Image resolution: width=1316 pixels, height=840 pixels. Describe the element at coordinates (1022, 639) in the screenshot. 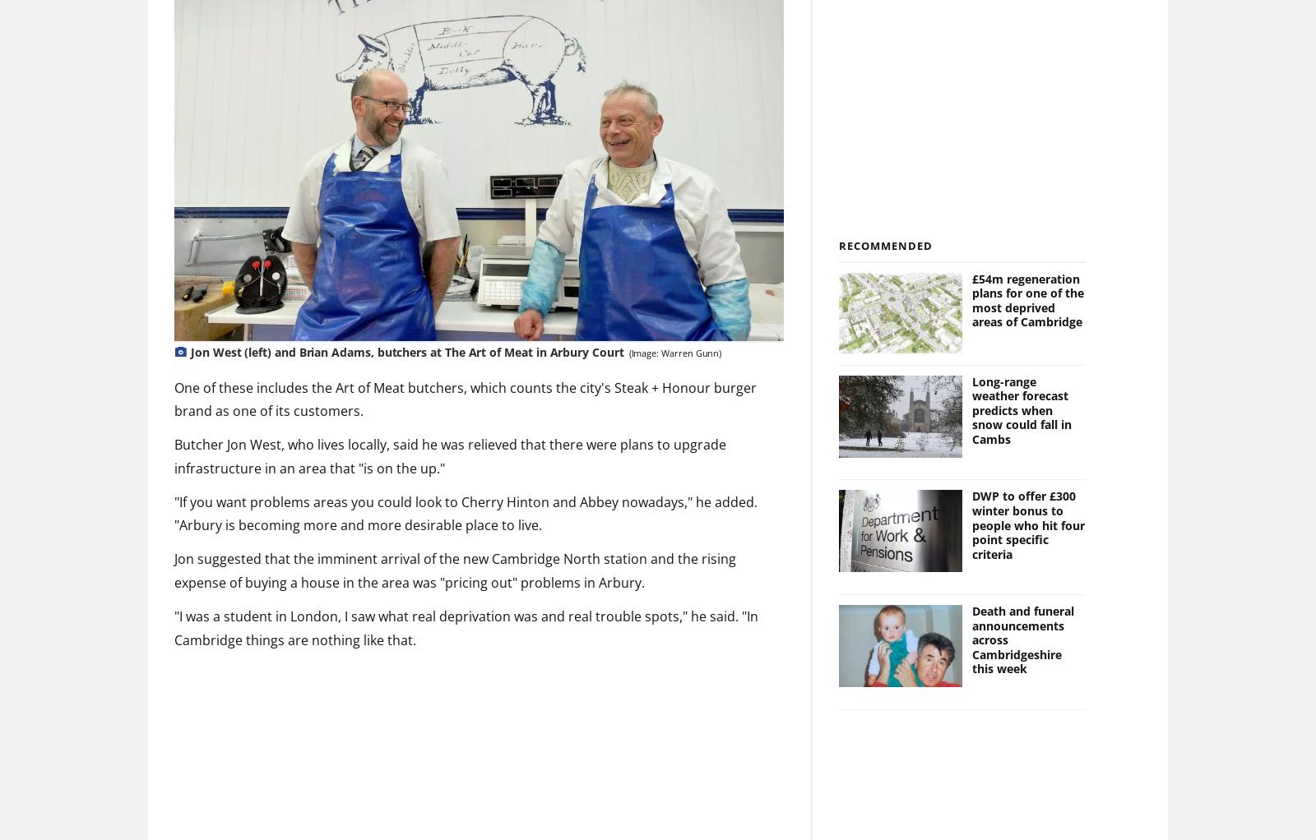

I see `'Death and funeral announcements across Cambridgeshire this week'` at that location.